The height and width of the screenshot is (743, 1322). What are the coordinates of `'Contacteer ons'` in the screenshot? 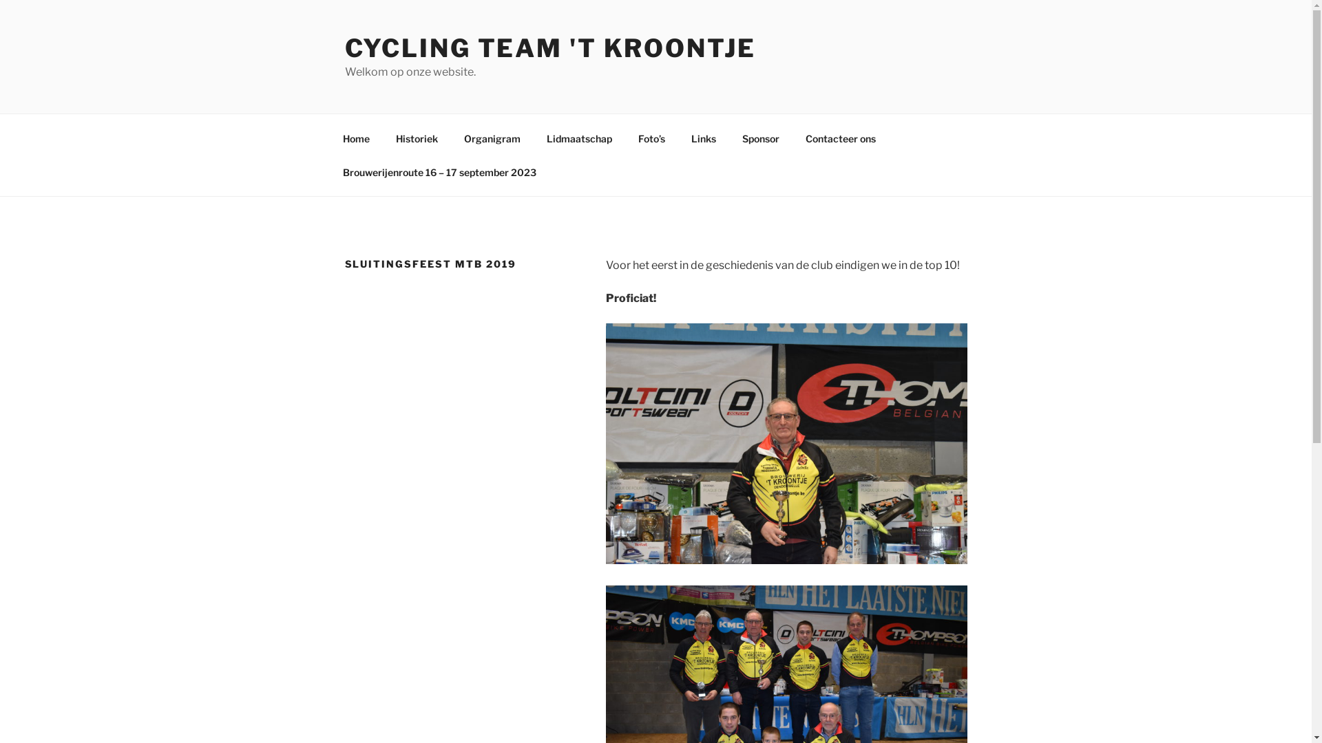 It's located at (839, 138).